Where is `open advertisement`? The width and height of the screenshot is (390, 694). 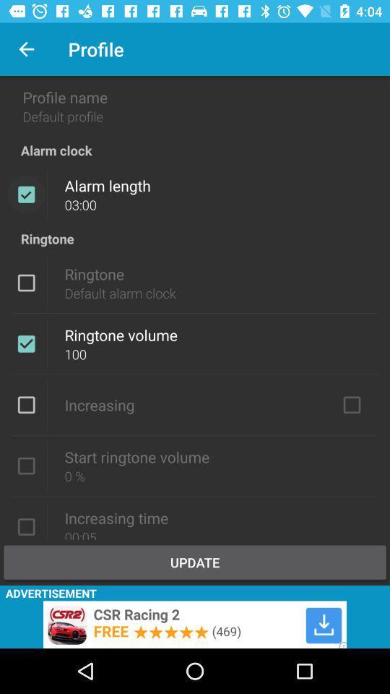 open advertisement is located at coordinates (195, 624).